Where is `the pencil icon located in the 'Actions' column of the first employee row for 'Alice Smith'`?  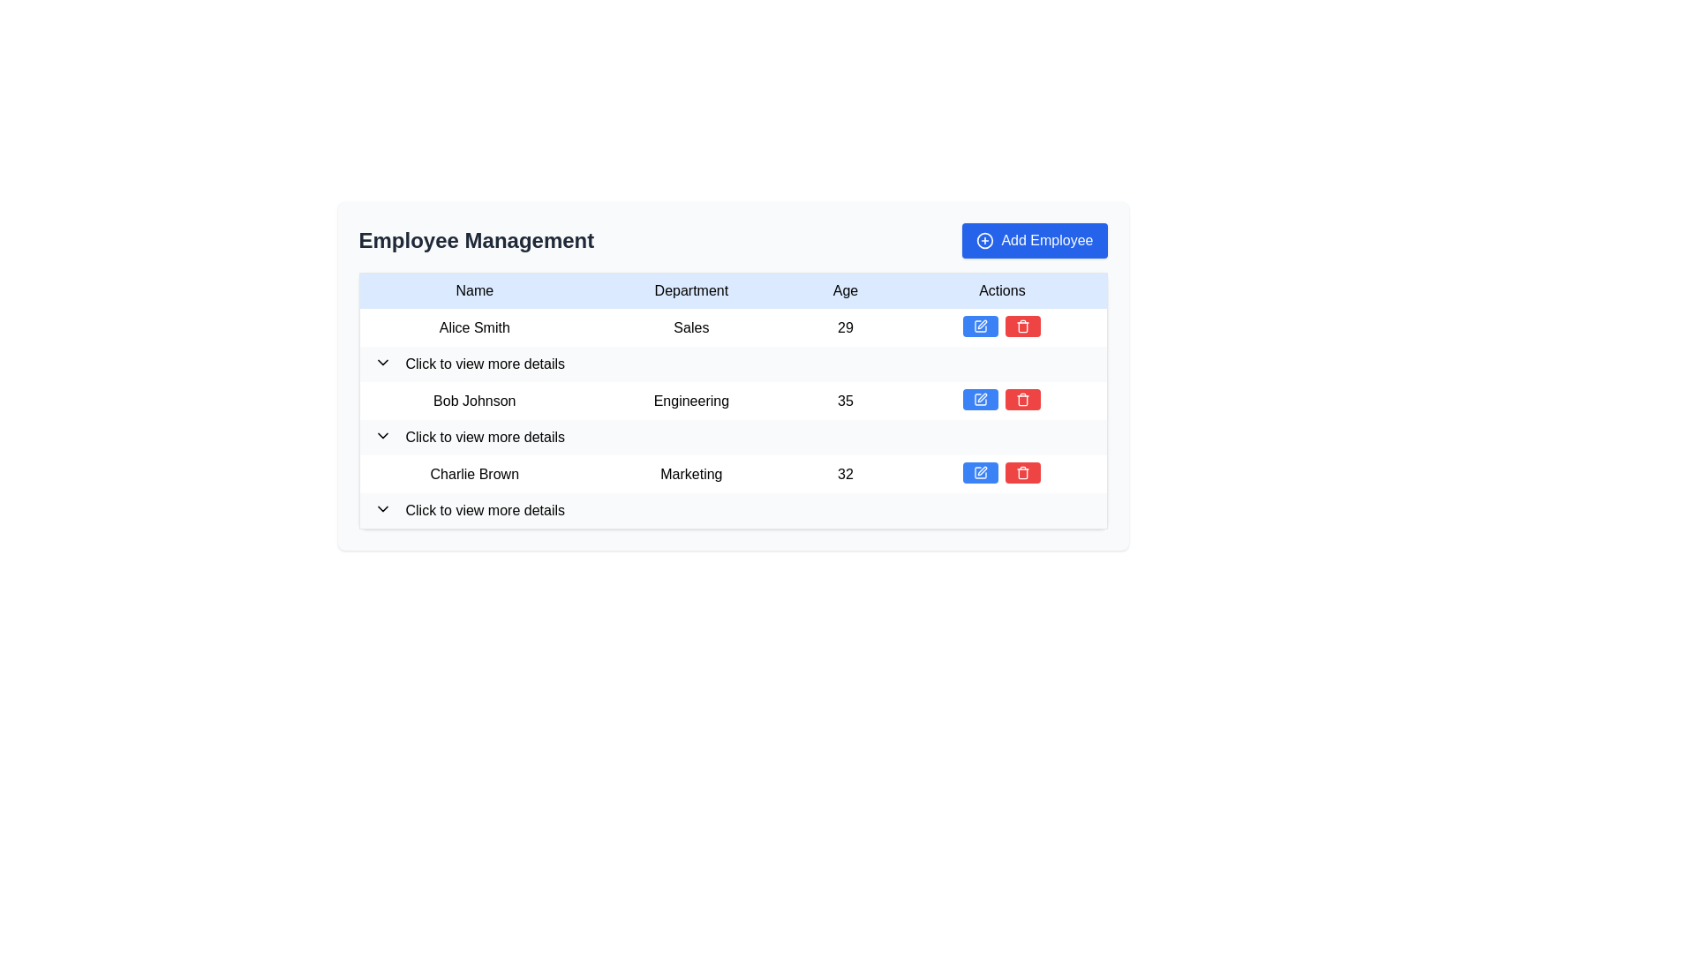 the pencil icon located in the 'Actions' column of the first employee row for 'Alice Smith' is located at coordinates (982, 324).